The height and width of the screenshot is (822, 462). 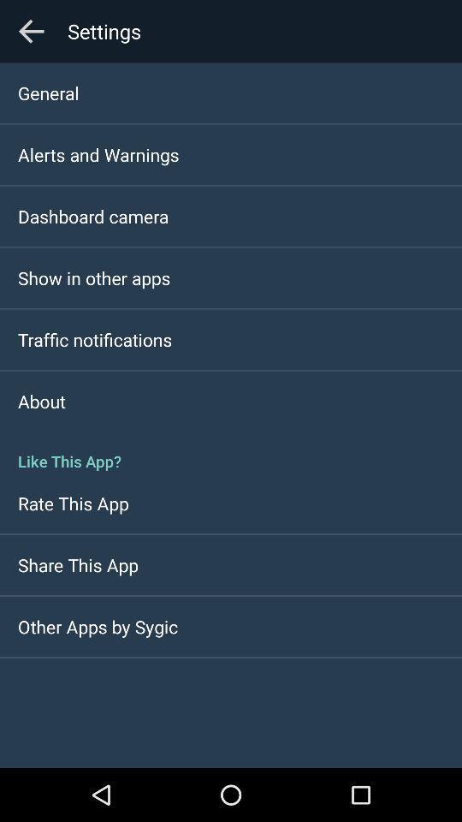 I want to click on the app above the show in other app, so click(x=93, y=215).